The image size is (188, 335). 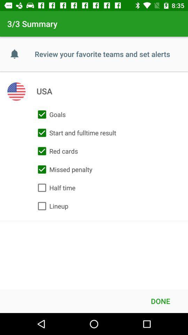 I want to click on the item below the usa item, so click(x=50, y=114).